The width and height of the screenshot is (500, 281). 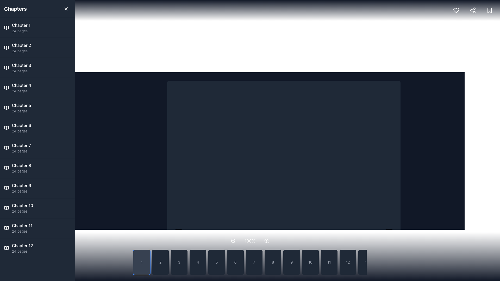 What do you see at coordinates (21, 91) in the screenshot?
I see `textual information displayed in the '24 pages' label located under the 'Chapter 4' title in the left sidebar` at bounding box center [21, 91].